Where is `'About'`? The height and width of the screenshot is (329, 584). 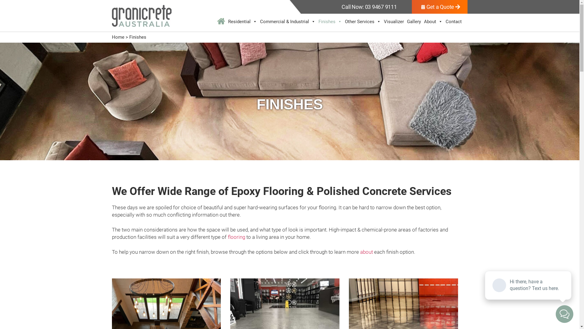
'About' is located at coordinates (433, 21).